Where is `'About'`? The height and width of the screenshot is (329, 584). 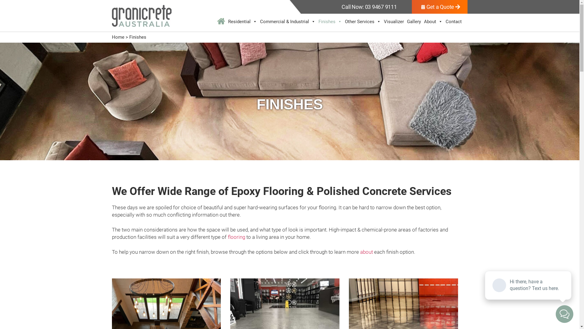
'About' is located at coordinates (433, 21).